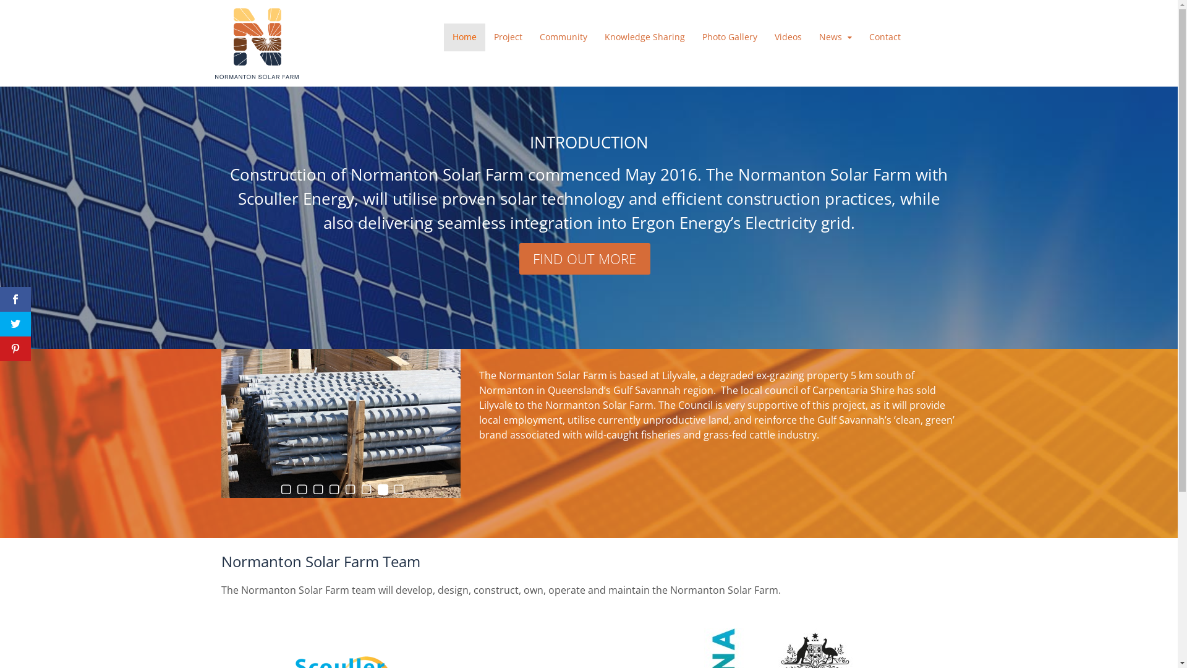 The width and height of the screenshot is (1187, 668). What do you see at coordinates (464, 36) in the screenshot?
I see `'Home'` at bounding box center [464, 36].